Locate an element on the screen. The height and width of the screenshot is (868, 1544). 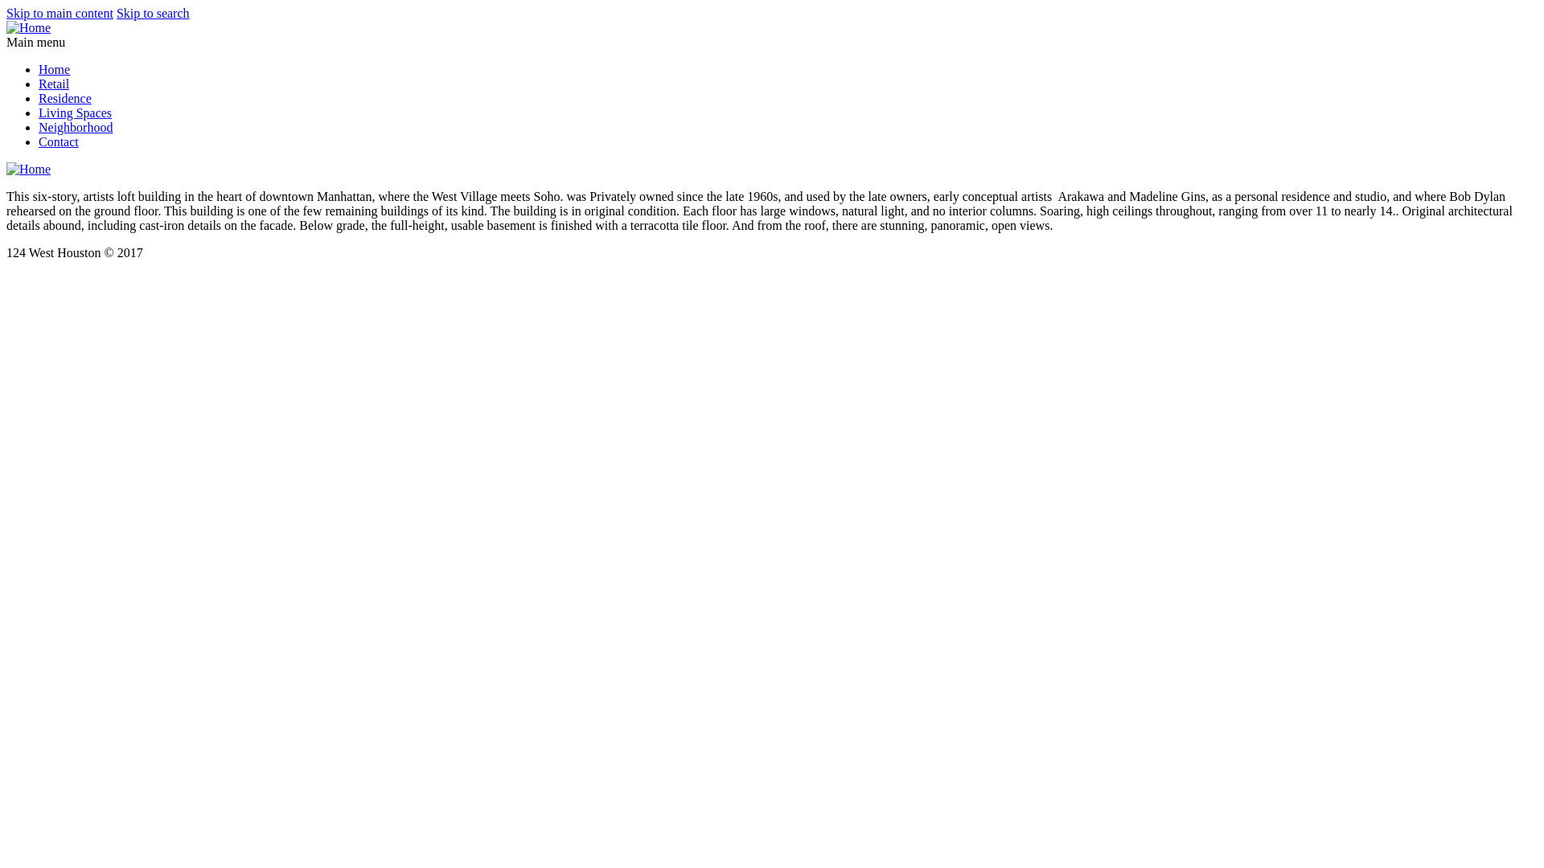
'Contact' is located at coordinates (39, 141).